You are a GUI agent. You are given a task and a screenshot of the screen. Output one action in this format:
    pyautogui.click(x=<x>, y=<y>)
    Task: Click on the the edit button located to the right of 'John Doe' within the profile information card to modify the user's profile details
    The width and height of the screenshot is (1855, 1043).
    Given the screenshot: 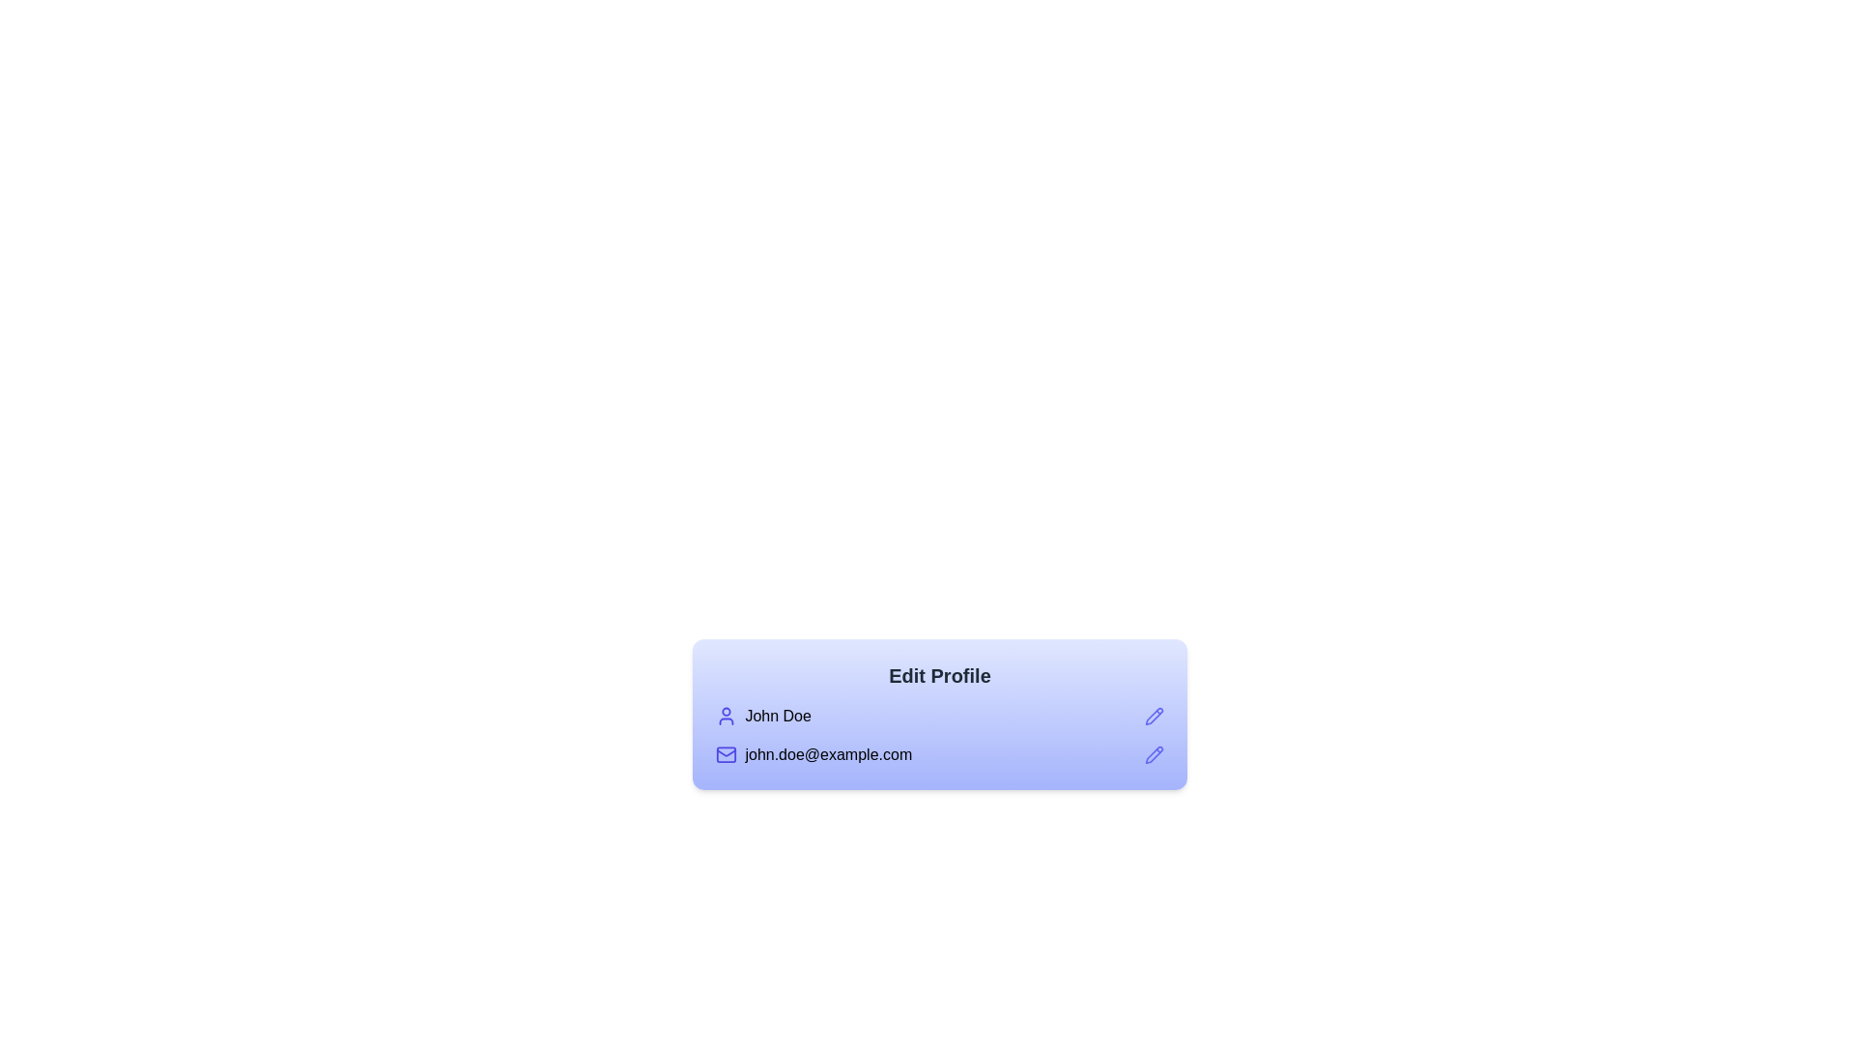 What is the action you would take?
    pyautogui.click(x=1155, y=716)
    